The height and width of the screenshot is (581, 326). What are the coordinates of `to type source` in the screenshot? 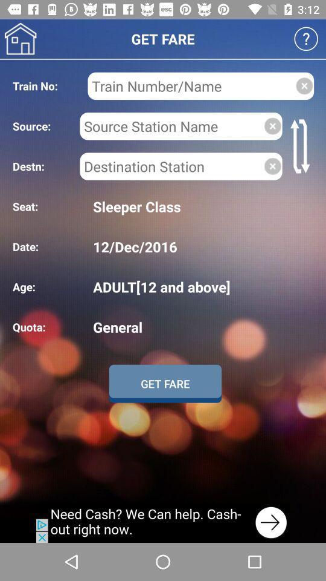 It's located at (171, 126).